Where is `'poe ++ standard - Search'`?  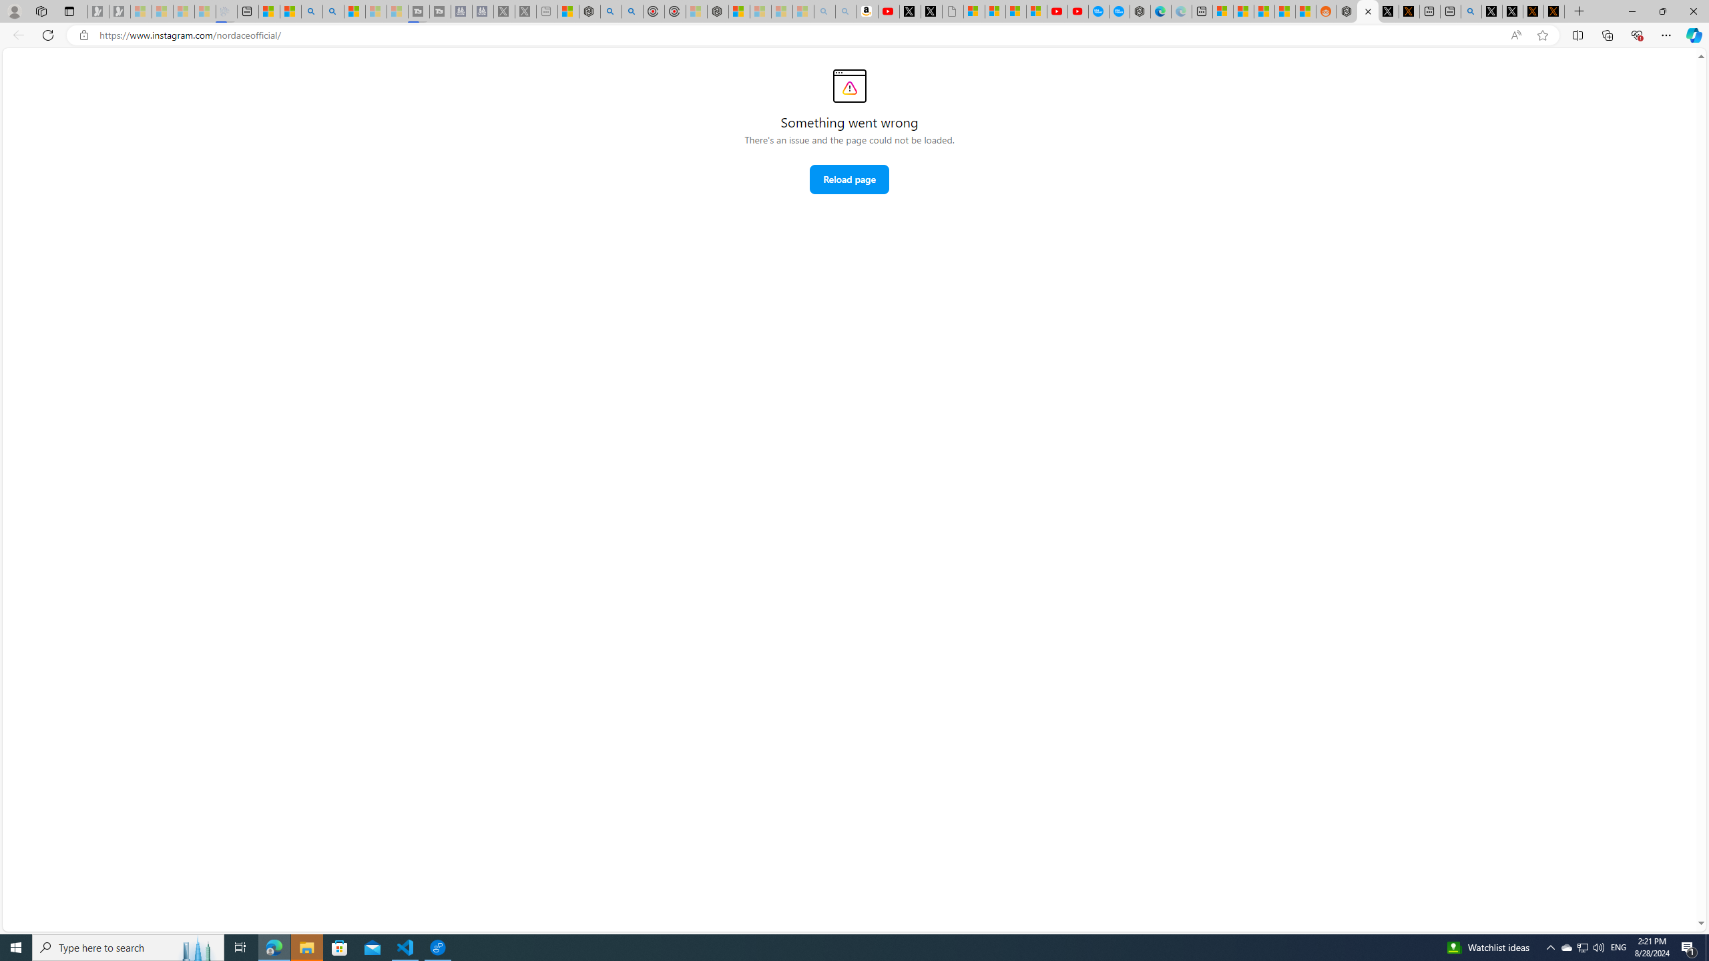
'poe ++ standard - Search' is located at coordinates (632, 11).